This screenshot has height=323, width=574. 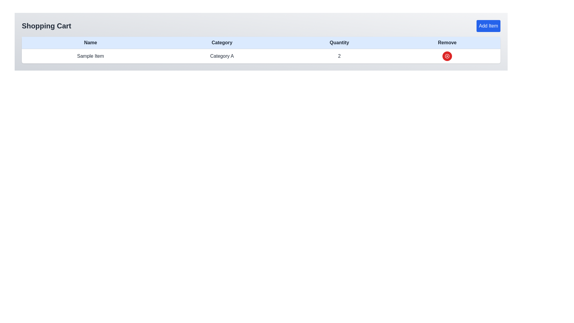 What do you see at coordinates (447, 42) in the screenshot?
I see `the 'Remove' column label in the Shopping Cart table, which is the fourth column header located at the far right, indicating functionality for removing items` at bounding box center [447, 42].